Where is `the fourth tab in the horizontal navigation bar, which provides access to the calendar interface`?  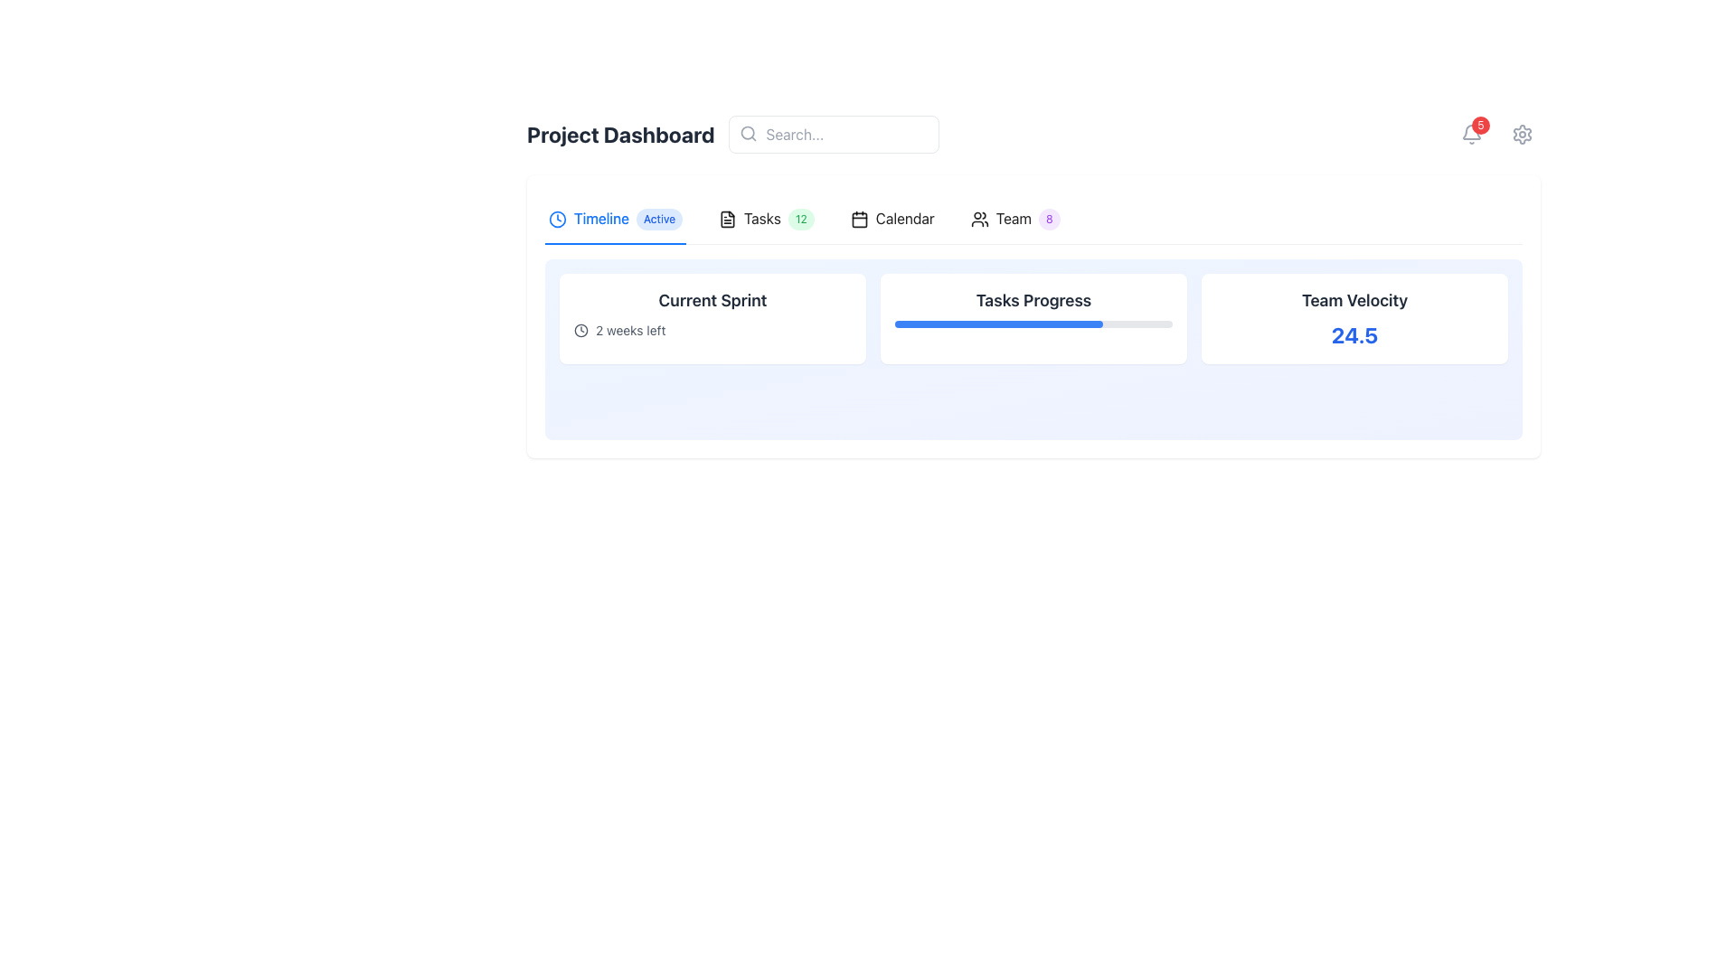 the fourth tab in the horizontal navigation bar, which provides access to the calendar interface is located at coordinates (892, 218).